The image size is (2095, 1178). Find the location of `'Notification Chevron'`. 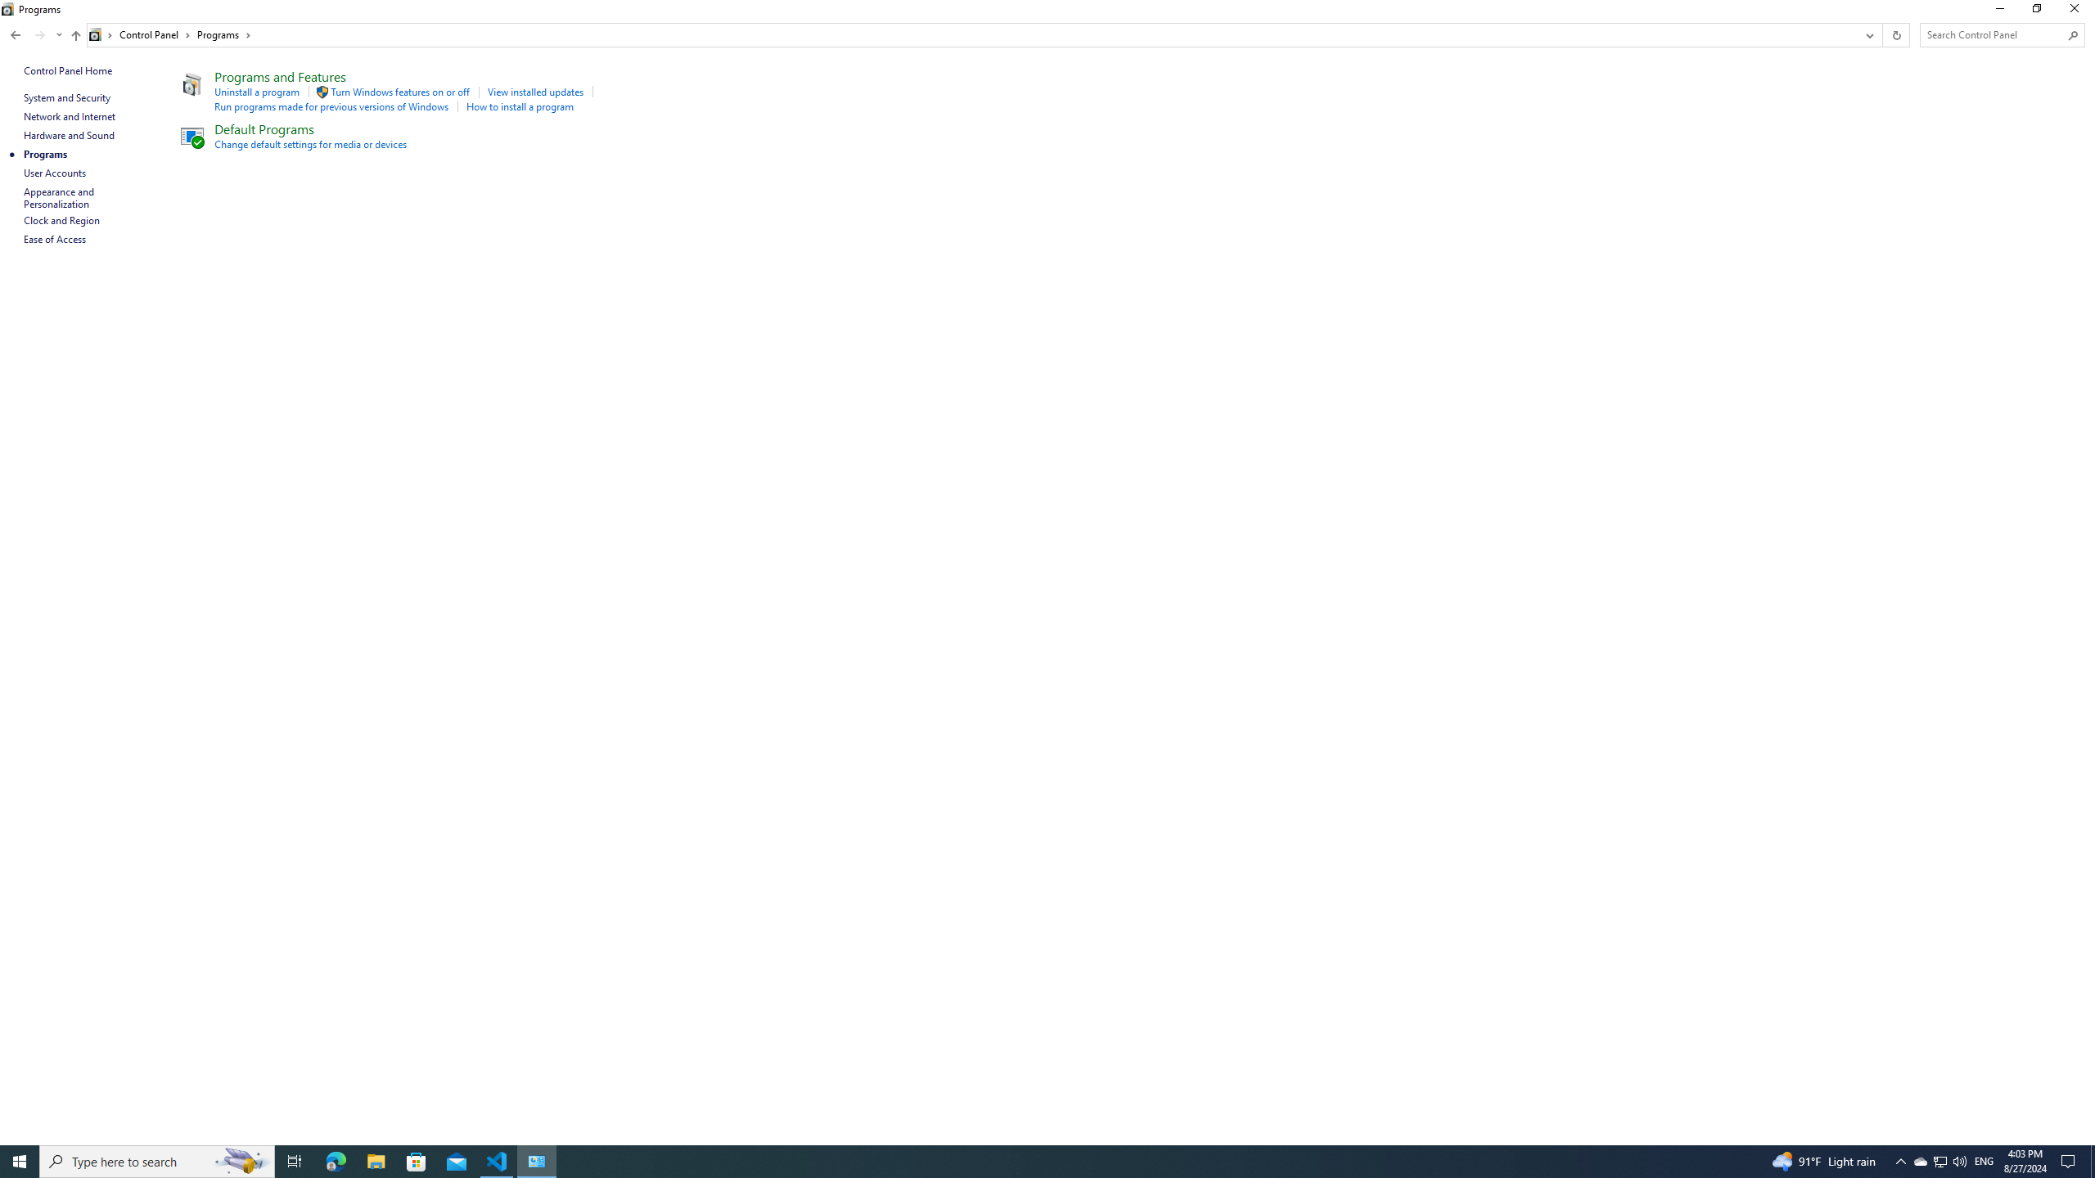

'Notification Chevron' is located at coordinates (1901, 1160).